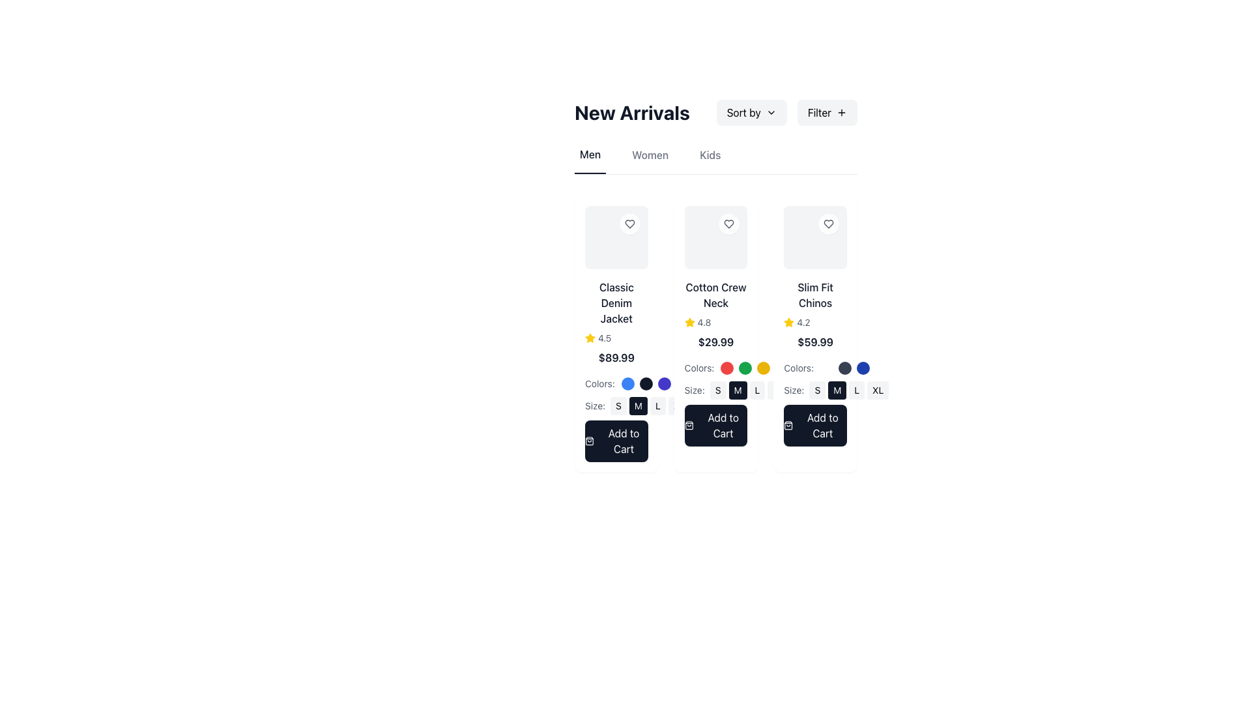 The image size is (1251, 704). Describe the element at coordinates (803, 322) in the screenshot. I see `the text label displaying '4.2' in gray font, located to the right of the yellow star icon in the rating section of the third product card in the 'New Arrivals' section` at that location.